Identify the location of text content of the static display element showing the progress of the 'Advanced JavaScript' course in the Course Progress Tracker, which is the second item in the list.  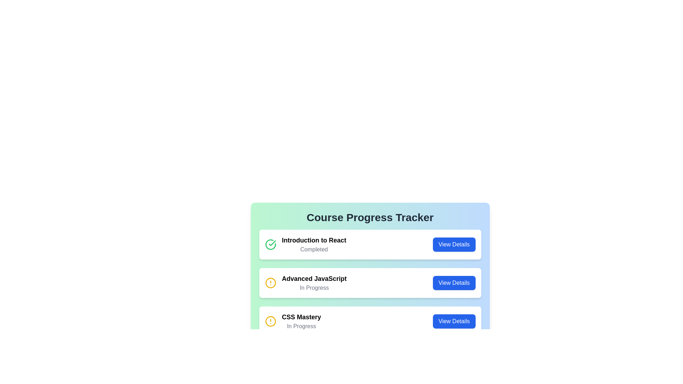
(314, 282).